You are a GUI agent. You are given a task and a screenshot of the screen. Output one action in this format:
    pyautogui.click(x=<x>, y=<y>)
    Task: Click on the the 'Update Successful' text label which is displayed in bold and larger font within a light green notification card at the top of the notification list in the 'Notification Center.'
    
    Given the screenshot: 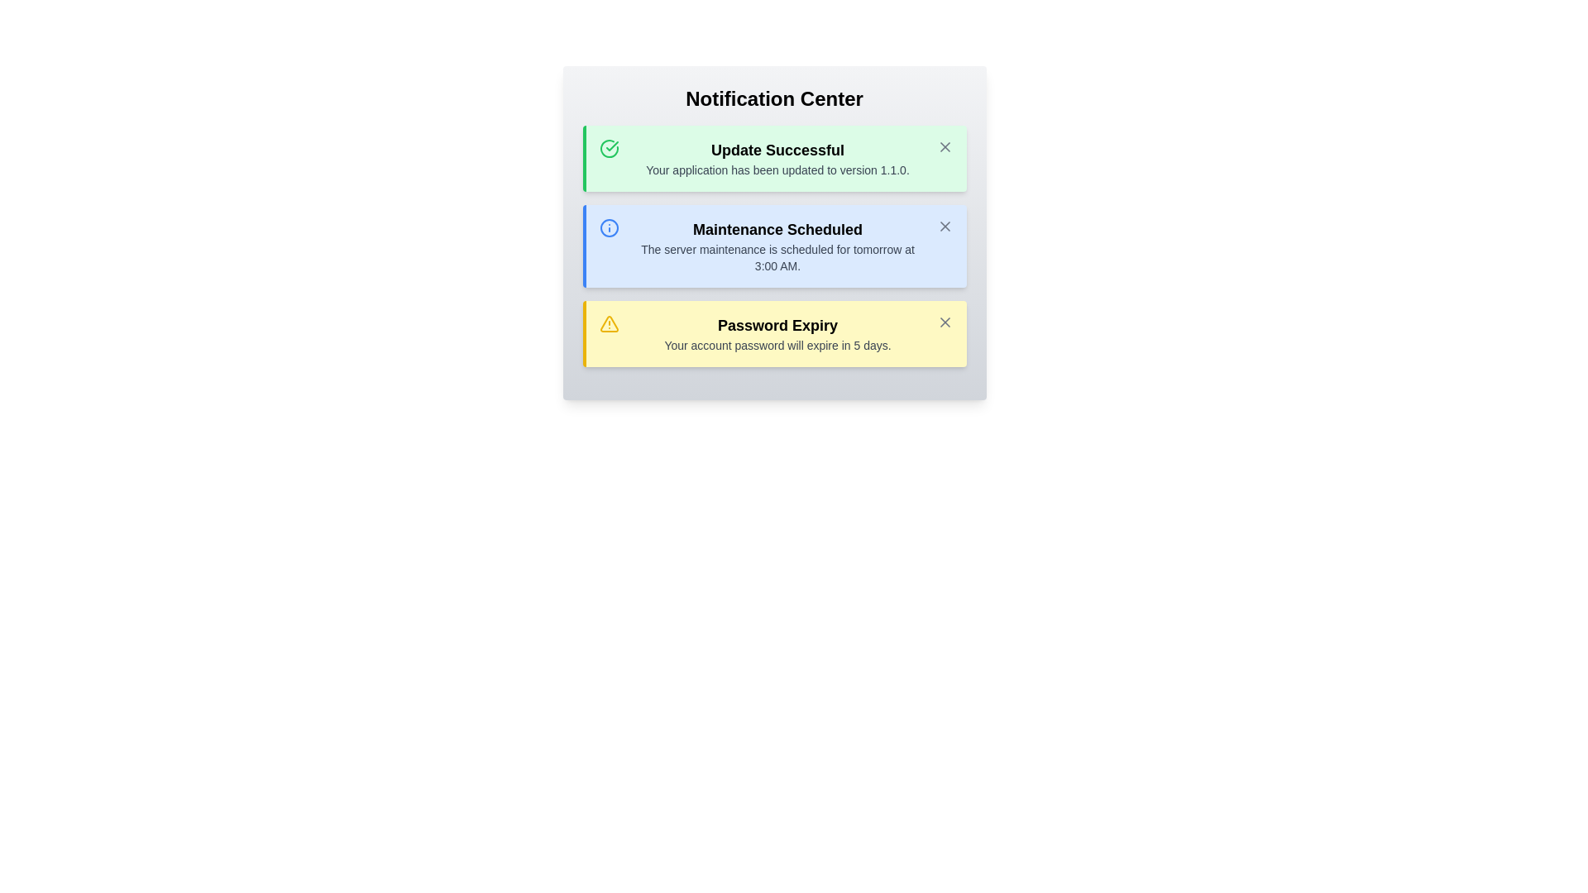 What is the action you would take?
    pyautogui.click(x=777, y=150)
    